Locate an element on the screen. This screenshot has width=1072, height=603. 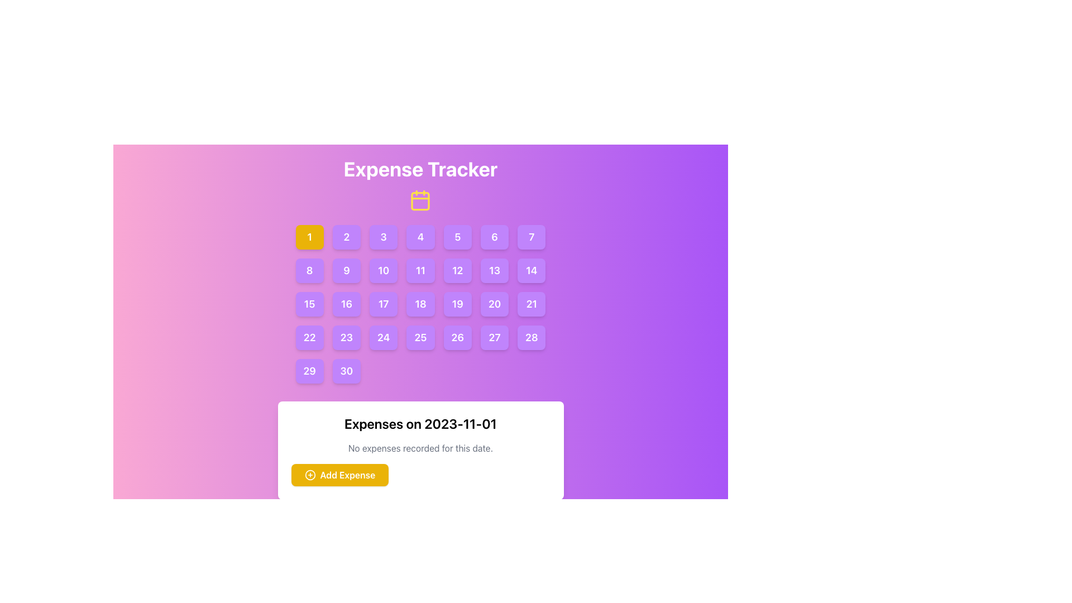
the square-shaped button with rounded corners displaying the number '26' in white on a purple background is located at coordinates (457, 337).